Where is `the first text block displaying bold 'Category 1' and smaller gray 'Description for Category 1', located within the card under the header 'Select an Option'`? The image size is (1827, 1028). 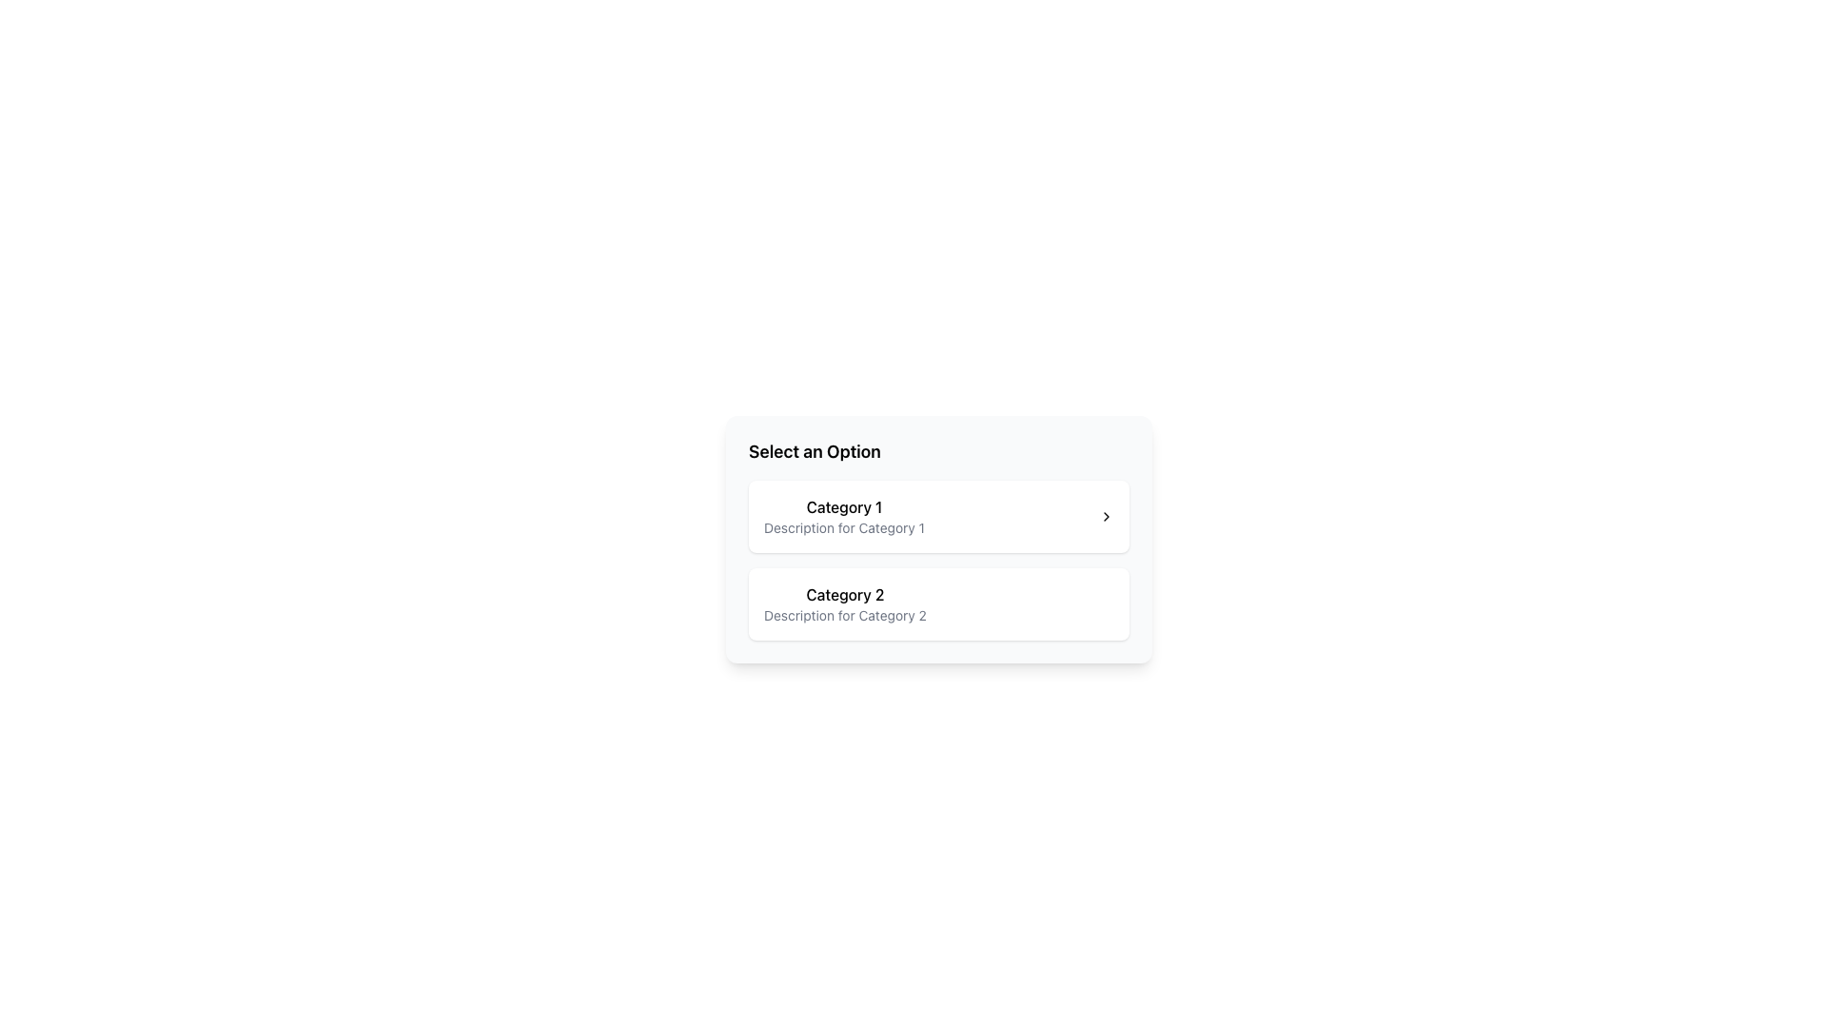 the first text block displaying bold 'Category 1' and smaller gray 'Description for Category 1', located within the card under the header 'Select an Option' is located at coordinates (843, 517).